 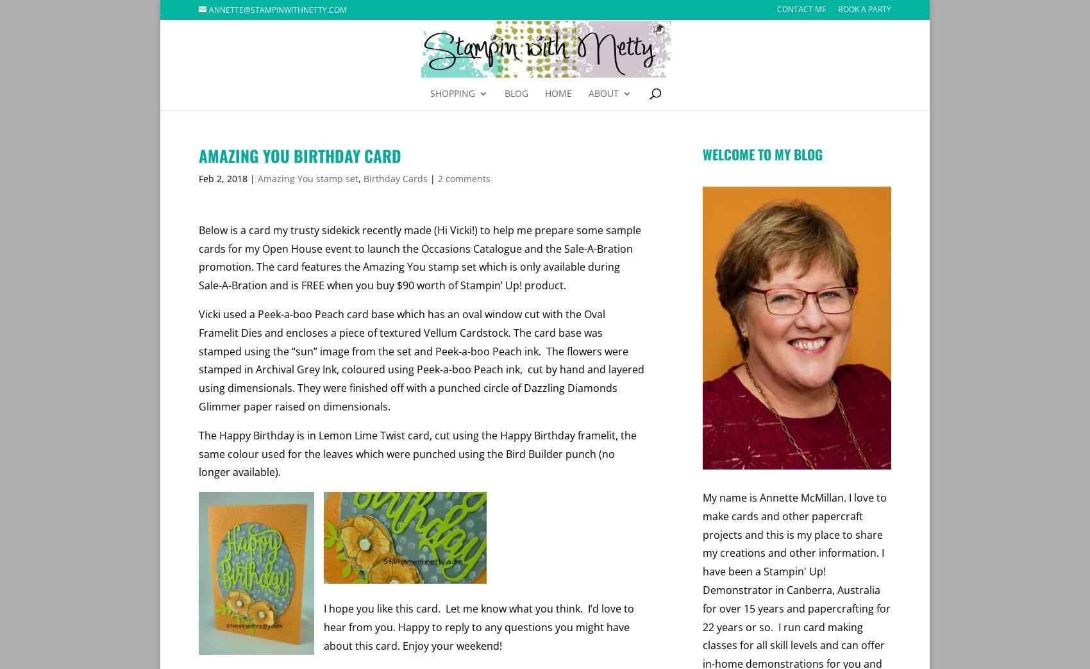 I want to click on 'Below is a card my trusty sidekick recently made (Hi Vicki!) to help me prepare some sample cards for my Open House event to launch the Occasions Catalogue and the Sale-A-Bration promotion. The card features the Amazing You stamp set which is only available during Sale-A-Bration and is FREE when you buy $90 worth of Stampin’ Up! product.', so click(x=420, y=257).